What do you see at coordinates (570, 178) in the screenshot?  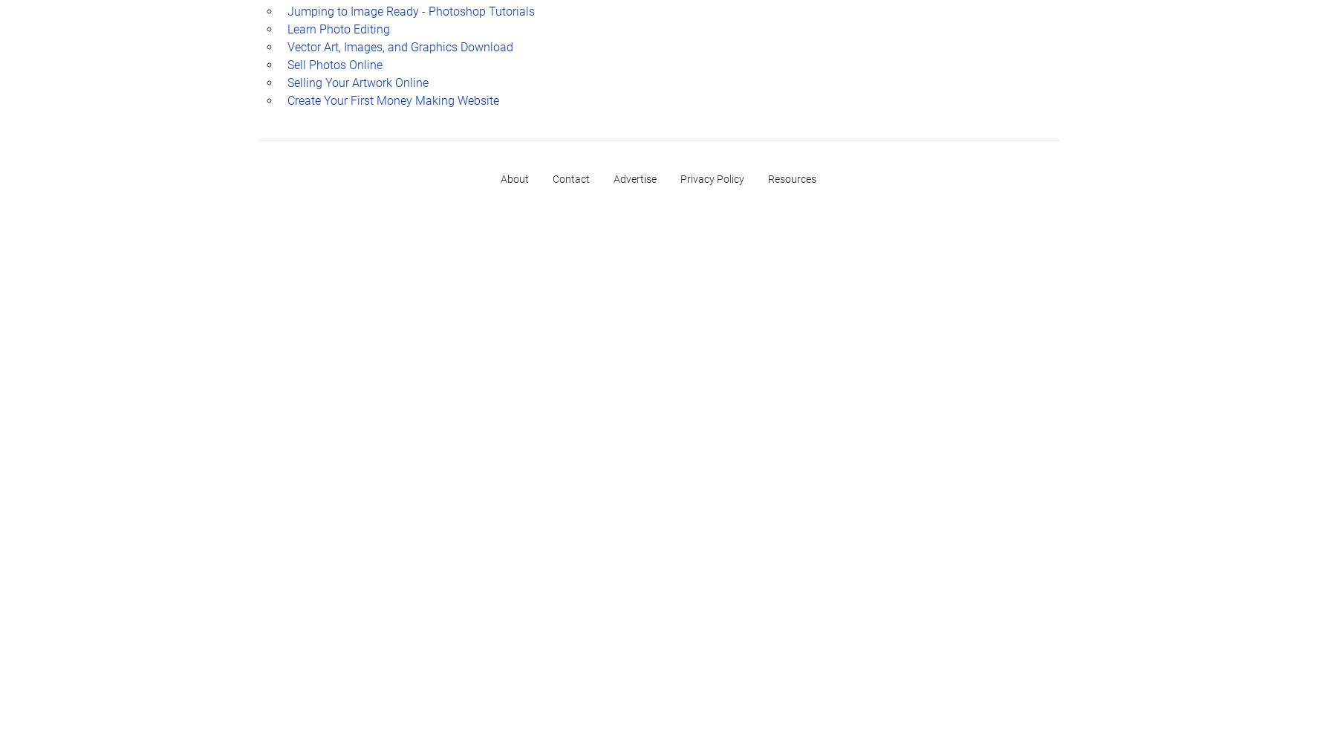 I see `'Contact'` at bounding box center [570, 178].